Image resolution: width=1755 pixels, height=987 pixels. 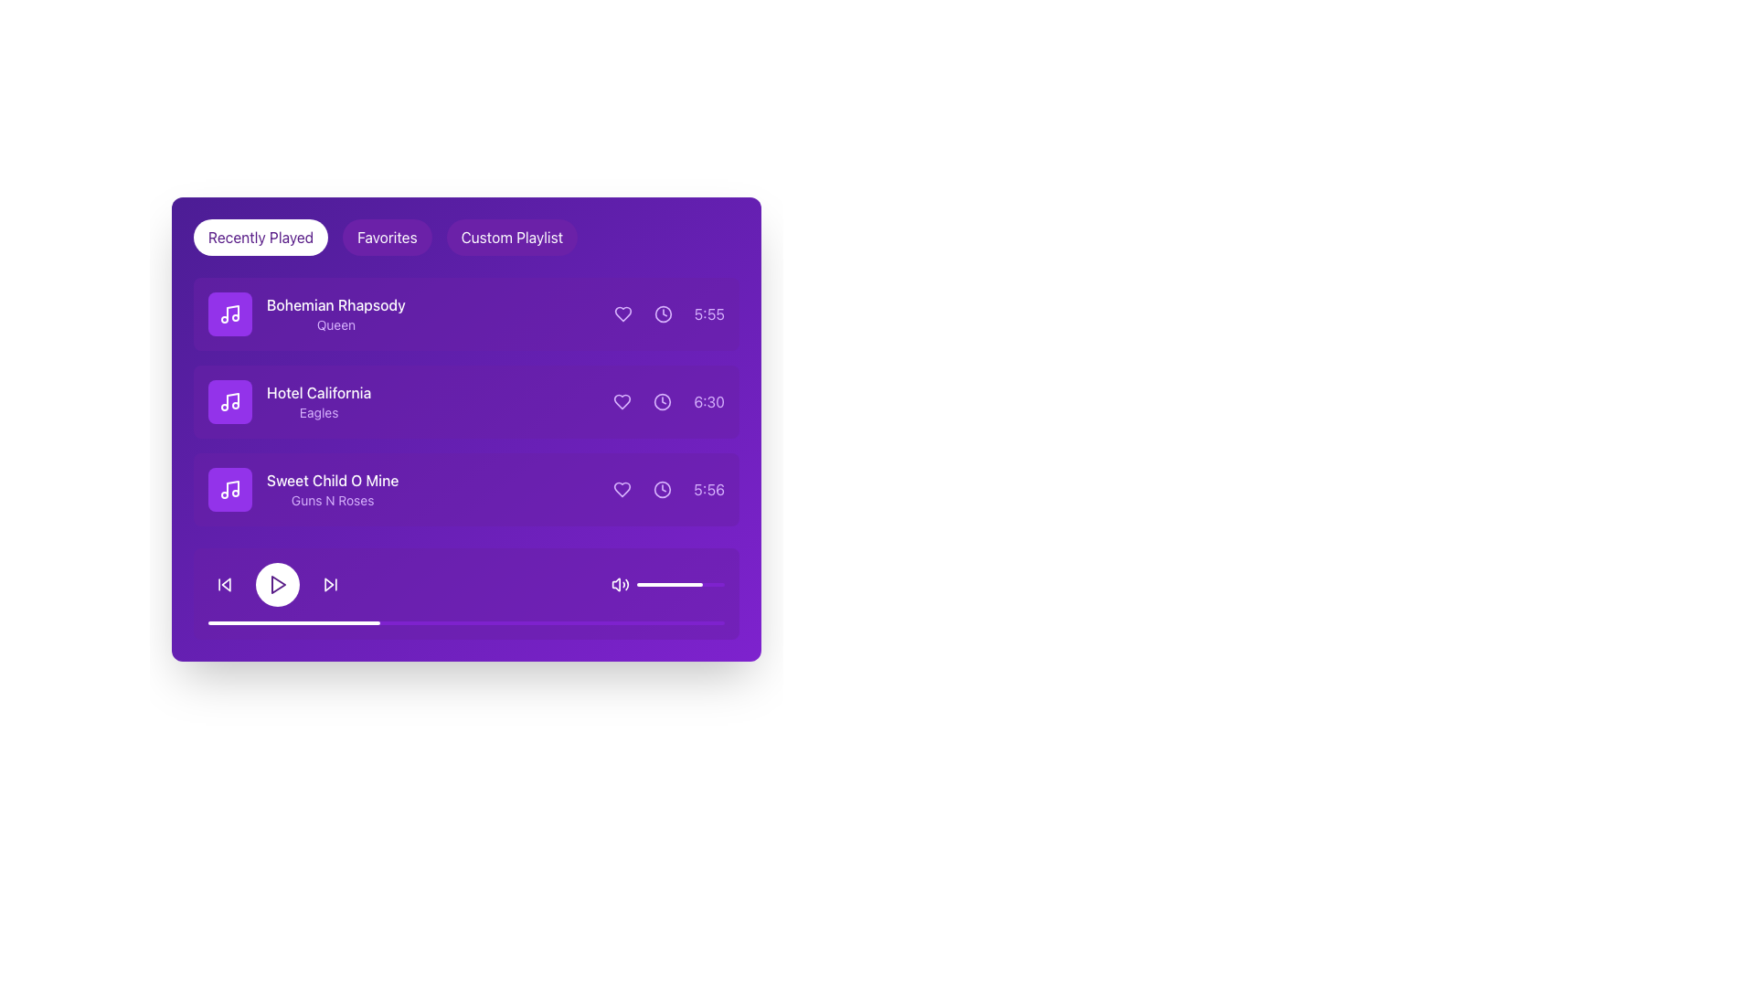 What do you see at coordinates (622, 400) in the screenshot?
I see `the second heart-shaped icon next to the song 'Hotel California'` at bounding box center [622, 400].